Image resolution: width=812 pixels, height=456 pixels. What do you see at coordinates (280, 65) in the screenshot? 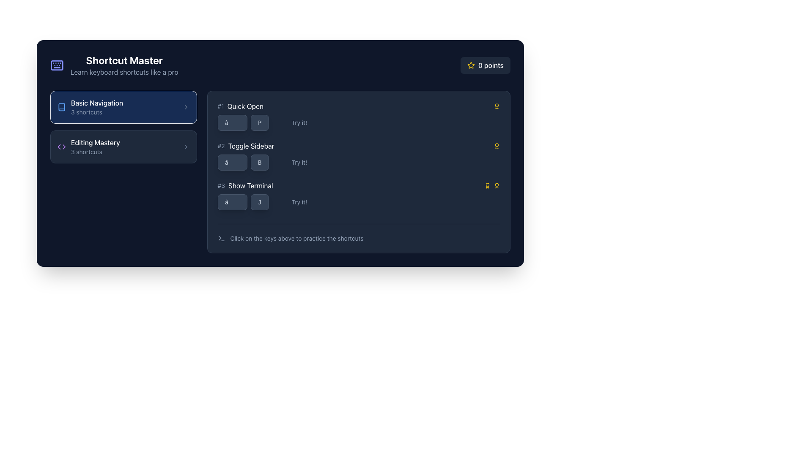
I see `the points badge located in the header at the top of the shortcut interface to check current achievements` at bounding box center [280, 65].